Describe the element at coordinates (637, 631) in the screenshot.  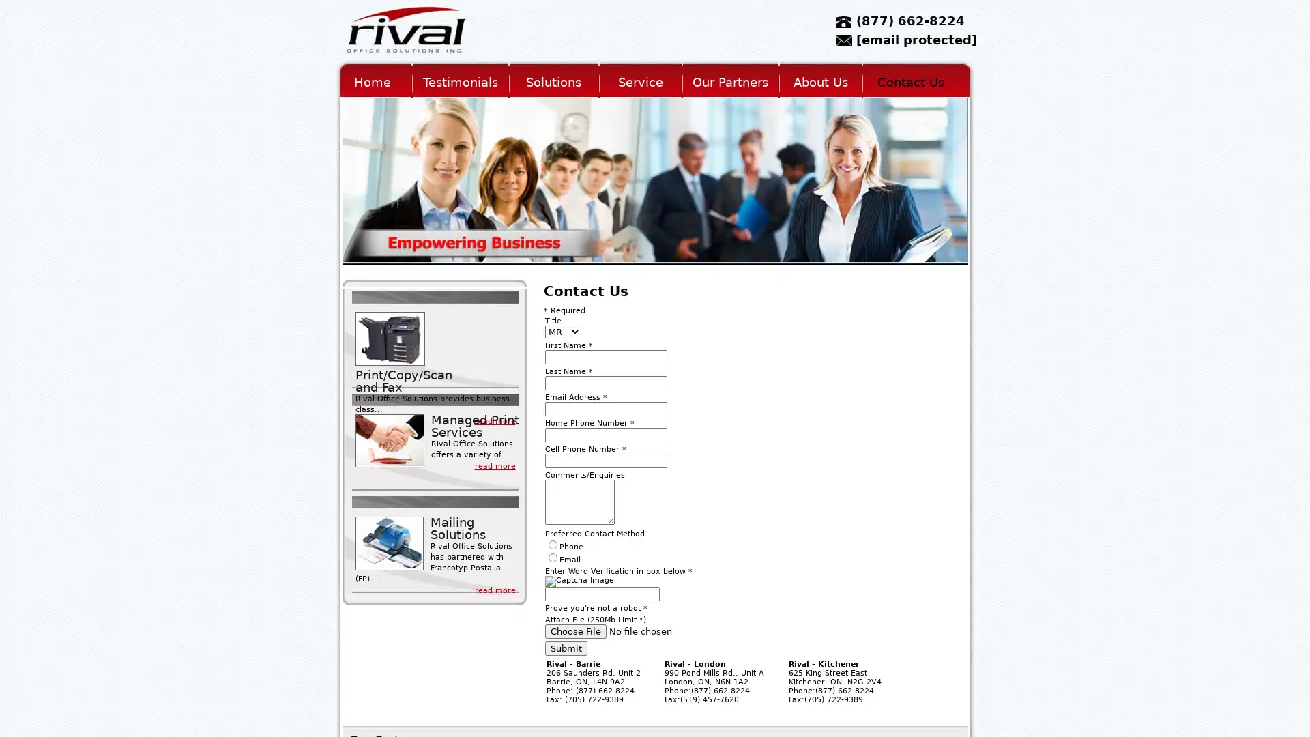
I see `Attach File (250Mb Limit *)` at that location.